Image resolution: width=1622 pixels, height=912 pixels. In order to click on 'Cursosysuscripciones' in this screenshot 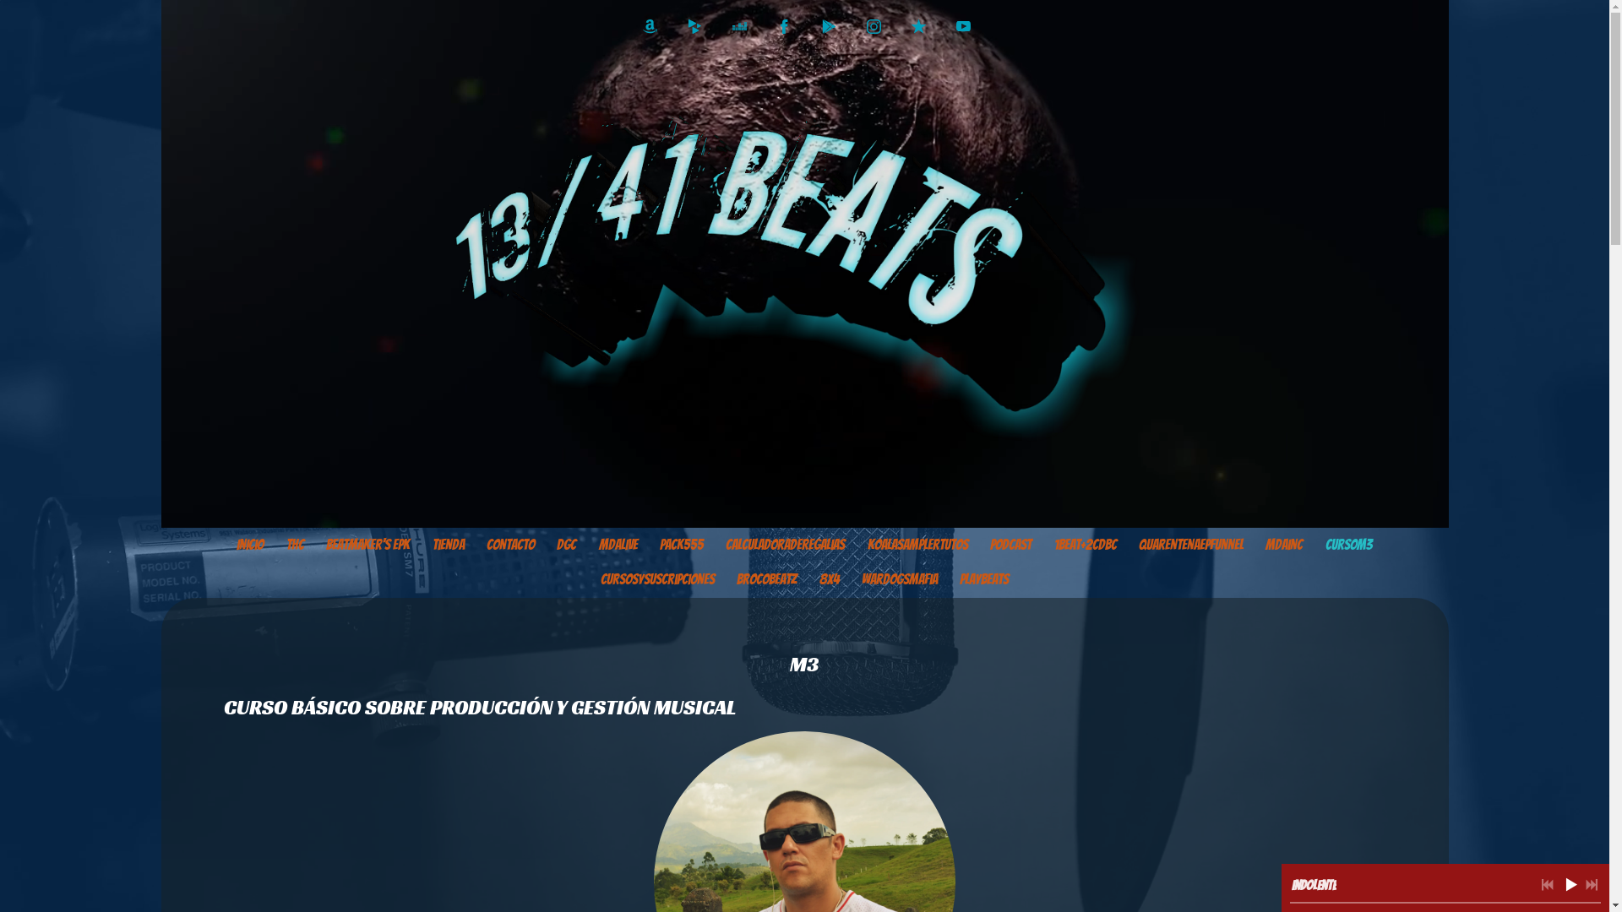, I will do `click(656, 578)`.